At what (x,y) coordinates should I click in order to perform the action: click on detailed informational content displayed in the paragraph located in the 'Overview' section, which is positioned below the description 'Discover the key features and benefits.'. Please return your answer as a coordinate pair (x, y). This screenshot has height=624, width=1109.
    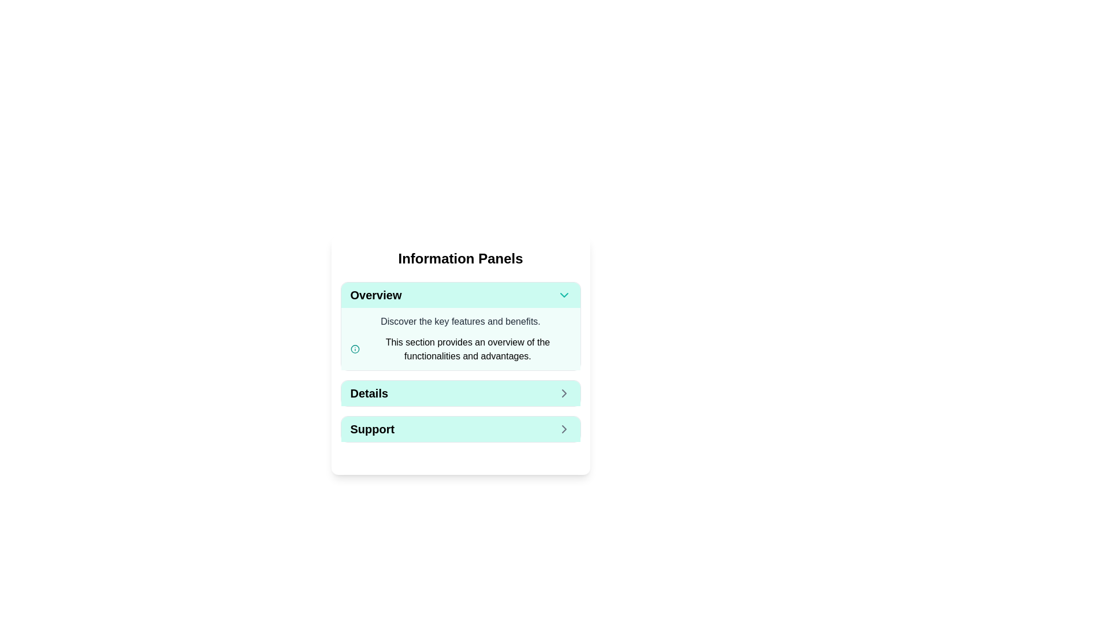
    Looking at the image, I should click on (467, 349).